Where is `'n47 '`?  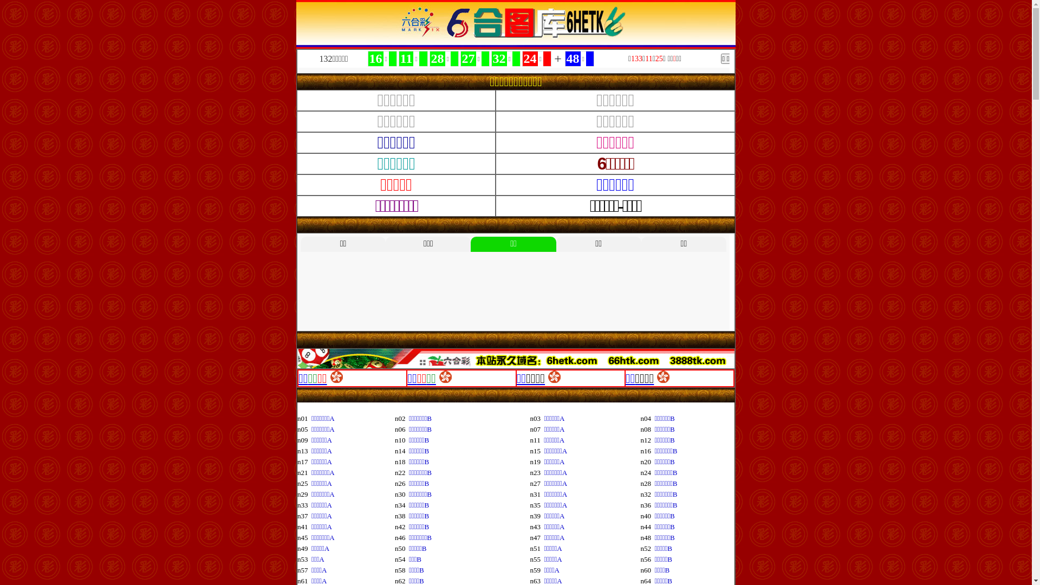
'n47 ' is located at coordinates (537, 537).